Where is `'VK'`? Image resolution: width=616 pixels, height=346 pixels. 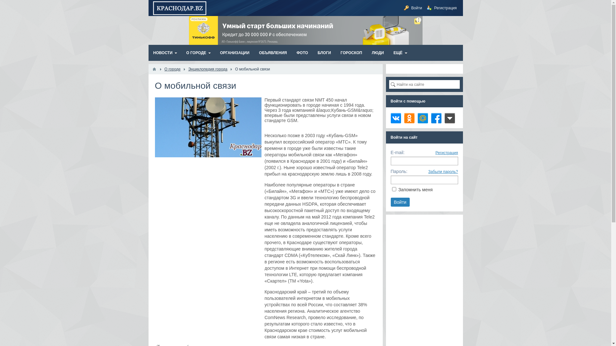
'VK' is located at coordinates (395, 118).